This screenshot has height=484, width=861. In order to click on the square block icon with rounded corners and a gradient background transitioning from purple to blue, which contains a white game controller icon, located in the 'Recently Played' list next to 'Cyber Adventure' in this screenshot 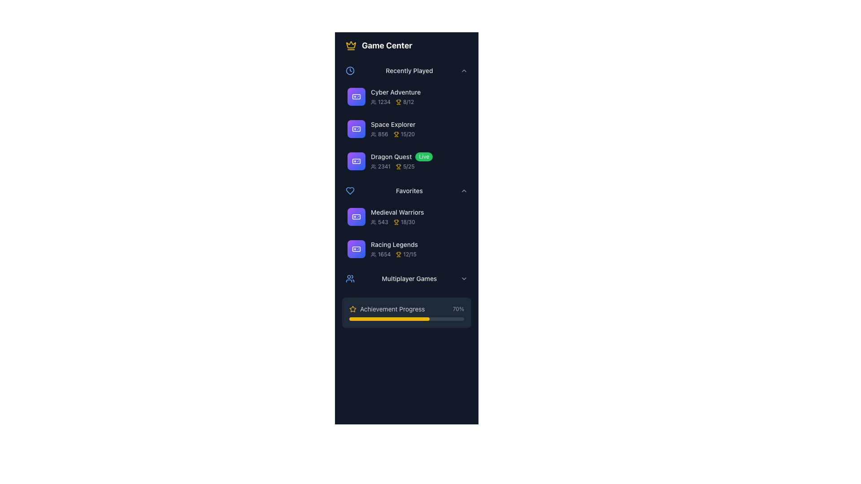, I will do `click(356, 97)`.